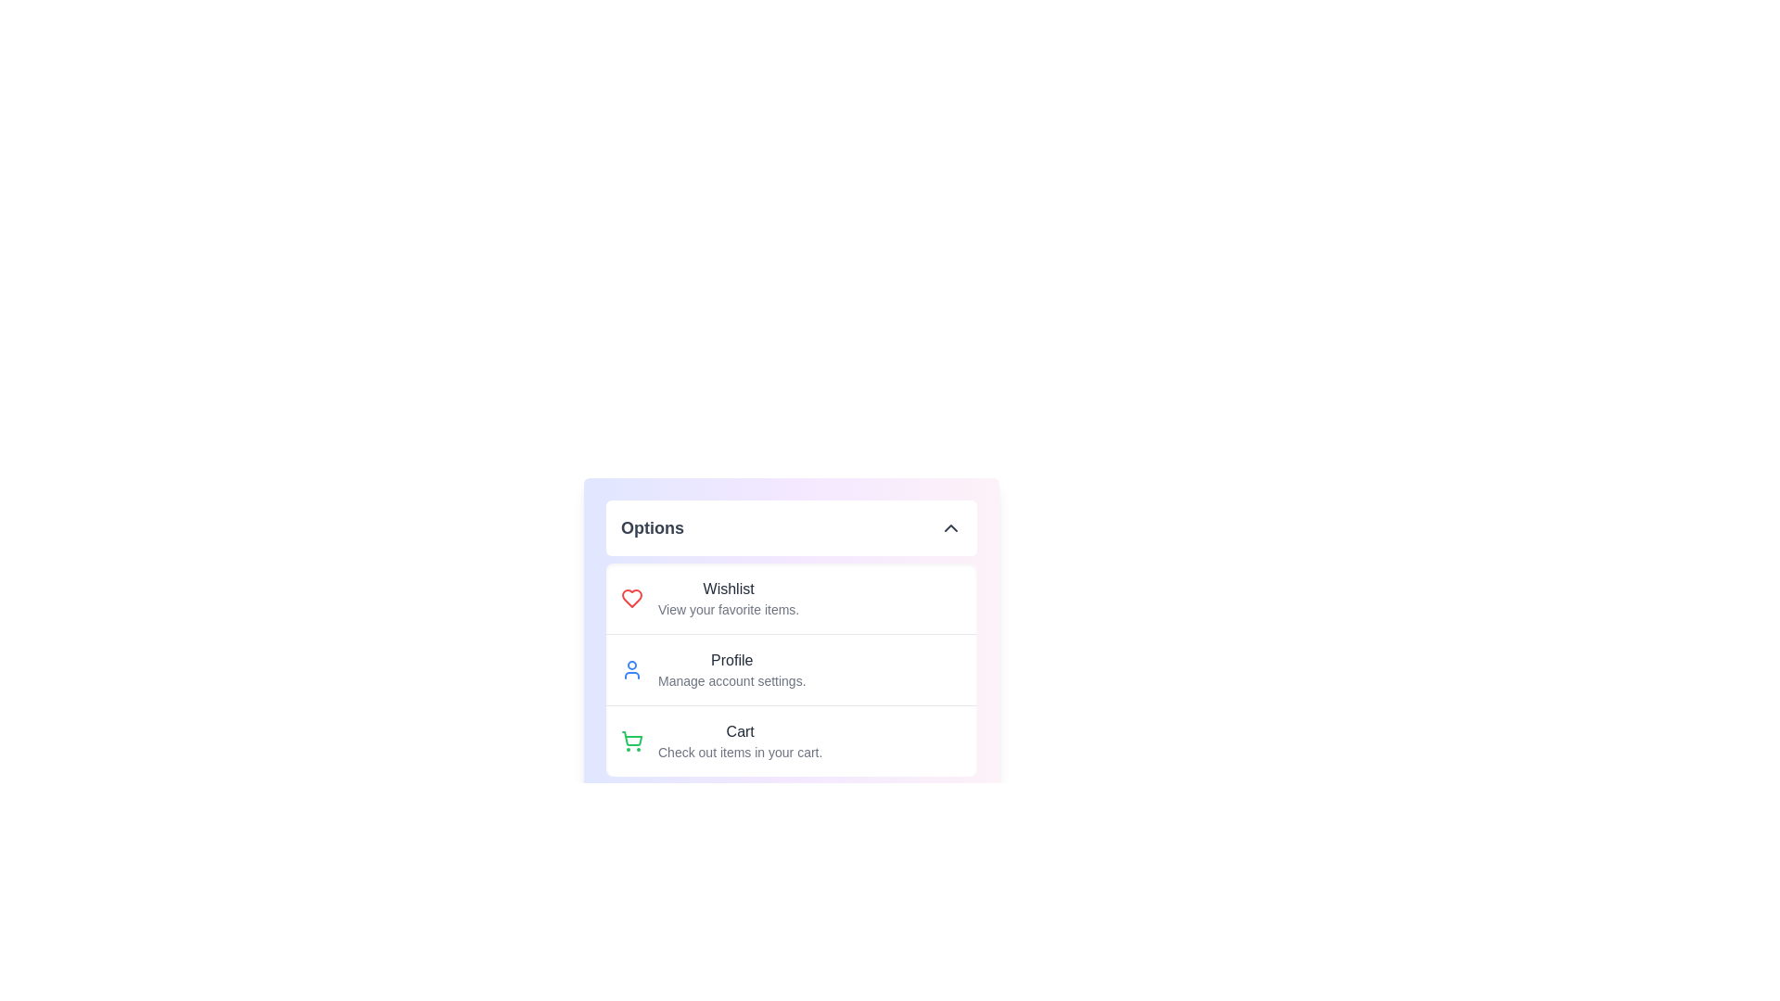 Image resolution: width=1780 pixels, height=1001 pixels. Describe the element at coordinates (631, 598) in the screenshot. I see `the Wishlist icon to interact with it` at that location.